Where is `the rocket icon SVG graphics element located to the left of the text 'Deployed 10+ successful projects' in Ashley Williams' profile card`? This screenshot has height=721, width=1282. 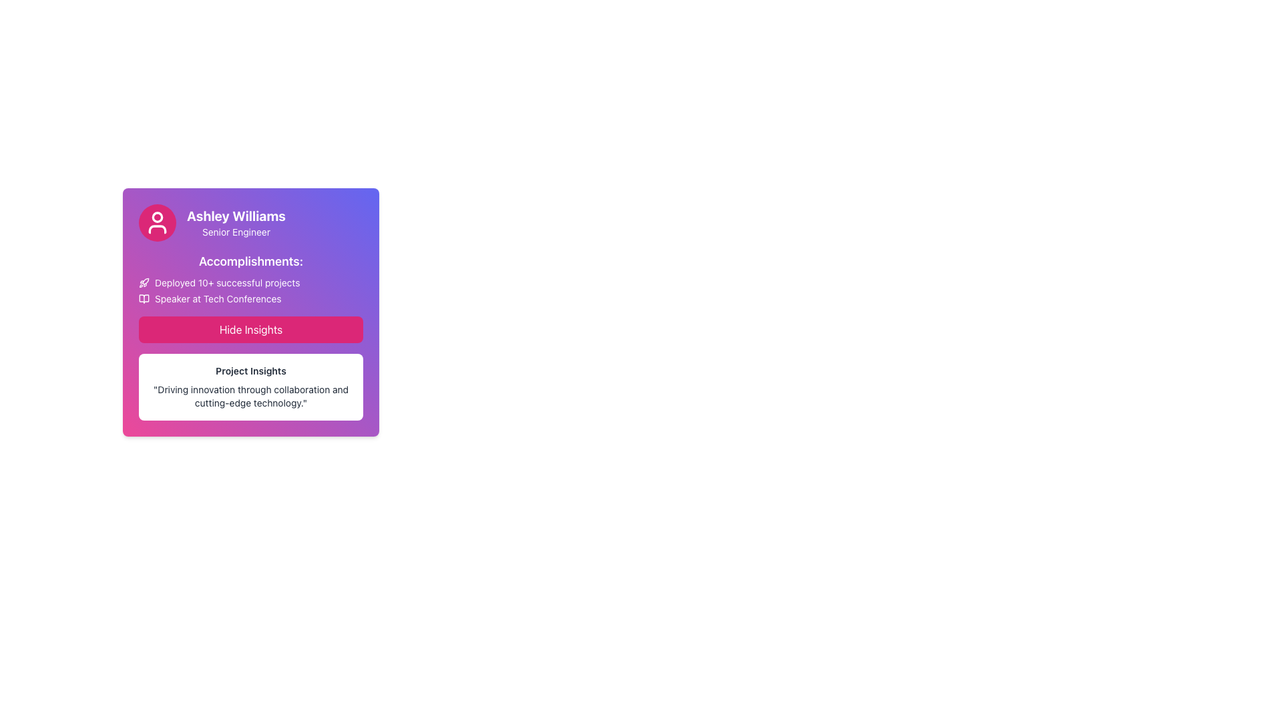
the rocket icon SVG graphics element located to the left of the text 'Deployed 10+ successful projects' in Ashley Williams' profile card is located at coordinates (144, 282).